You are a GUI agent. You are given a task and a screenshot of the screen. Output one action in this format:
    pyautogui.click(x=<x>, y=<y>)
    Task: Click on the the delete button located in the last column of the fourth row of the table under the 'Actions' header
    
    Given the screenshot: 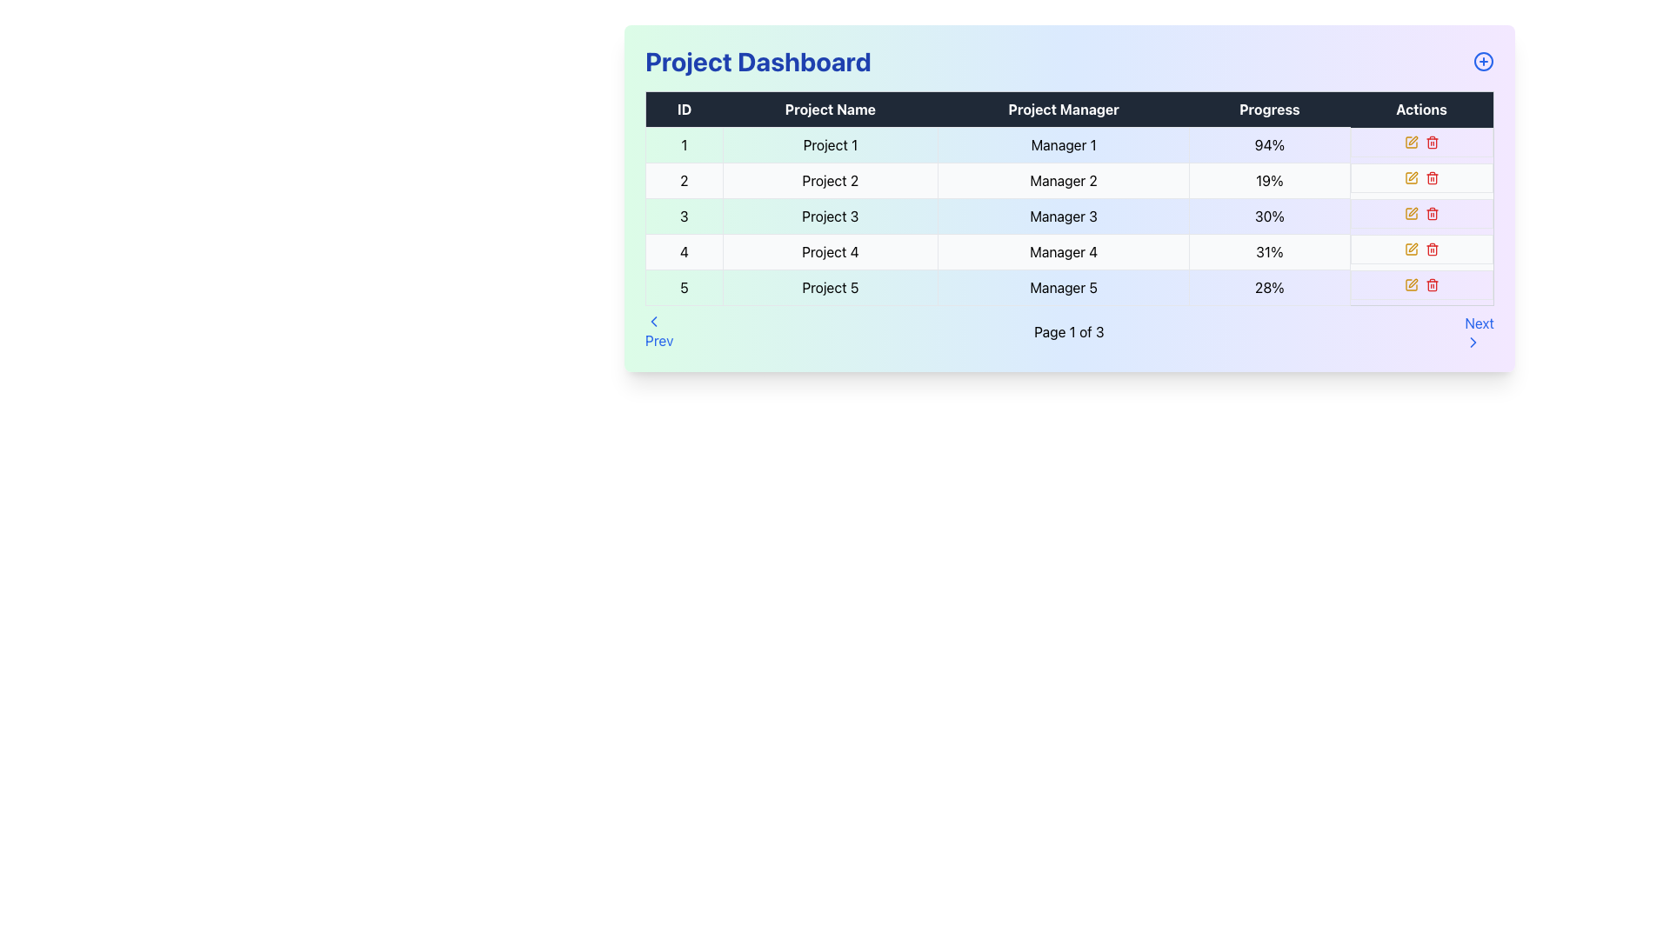 What is the action you would take?
    pyautogui.click(x=1432, y=249)
    